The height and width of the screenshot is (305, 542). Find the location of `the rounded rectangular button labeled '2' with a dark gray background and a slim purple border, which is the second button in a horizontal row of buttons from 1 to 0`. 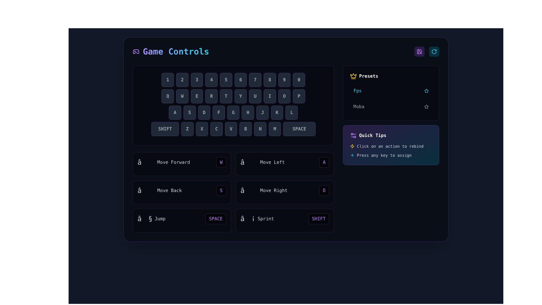

the rounded rectangular button labeled '2' with a dark gray background and a slim purple border, which is the second button in a horizontal row of buttons from 1 to 0 is located at coordinates (182, 80).